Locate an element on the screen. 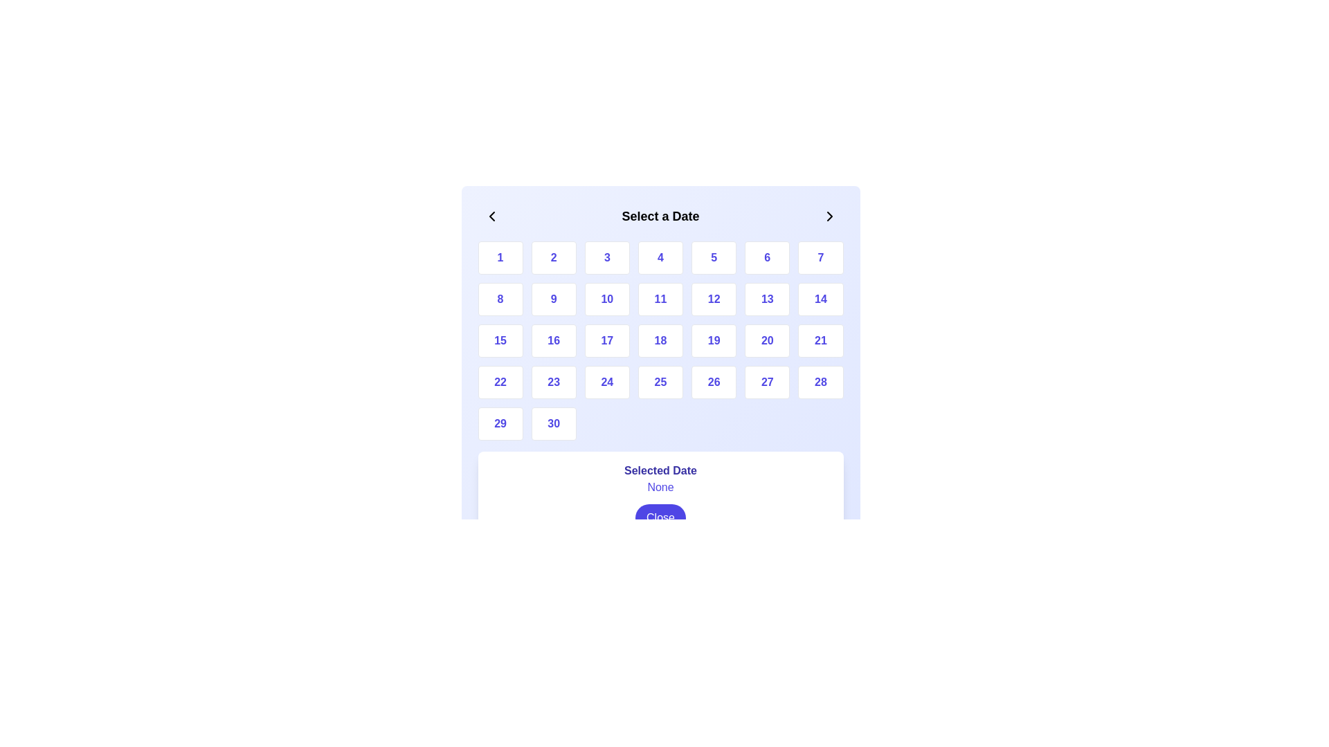 The height and width of the screenshot is (747, 1329). the bold text label that reads 'Select a Date', which is centrally aligned in the header section of the calendar date selector is located at coordinates (660, 216).